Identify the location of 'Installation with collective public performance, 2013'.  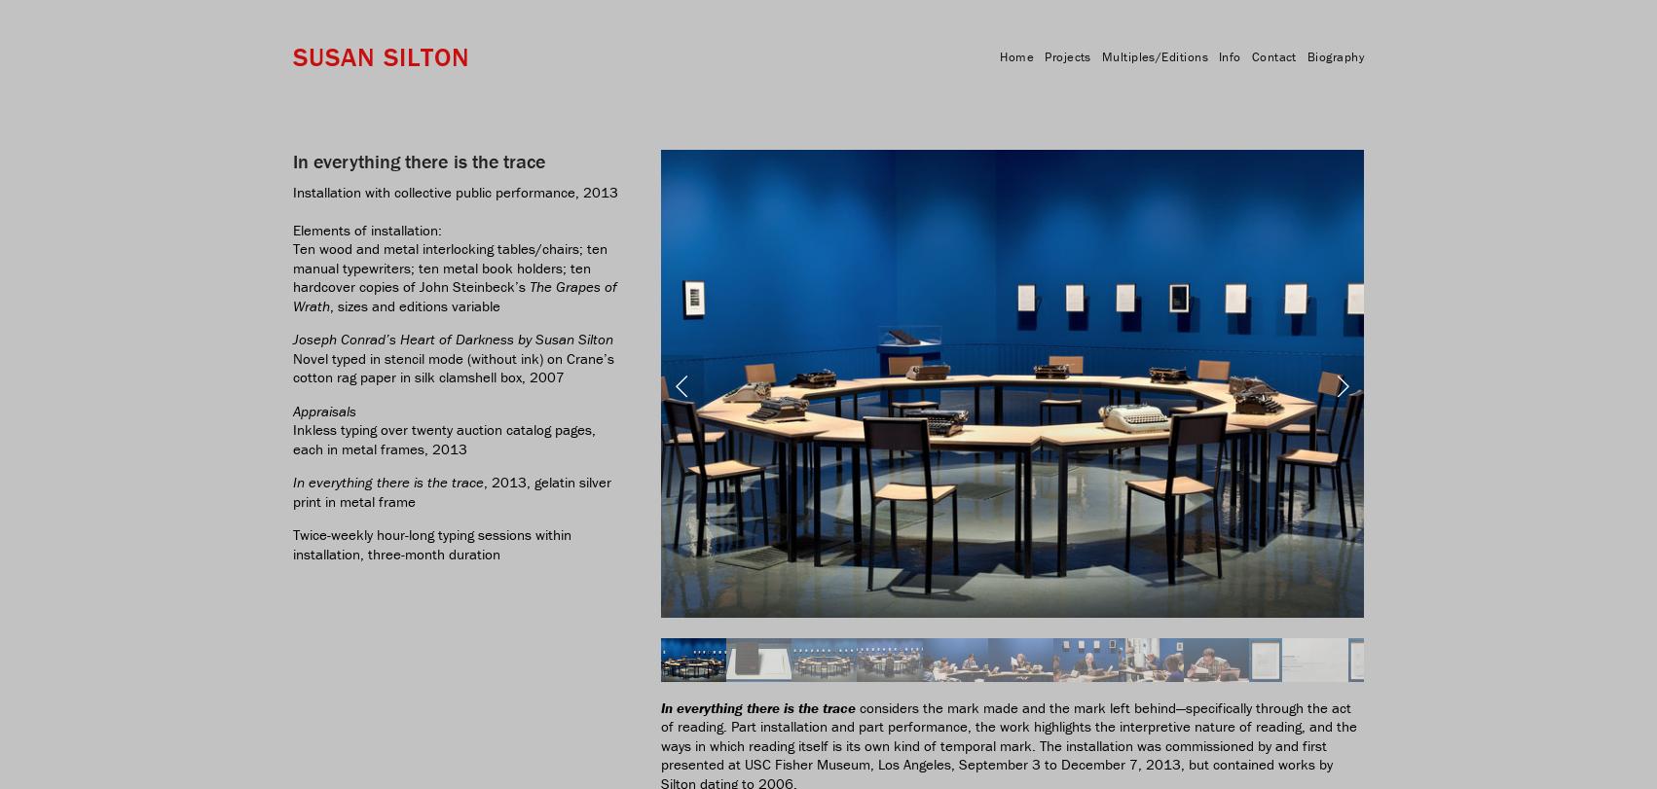
(455, 191).